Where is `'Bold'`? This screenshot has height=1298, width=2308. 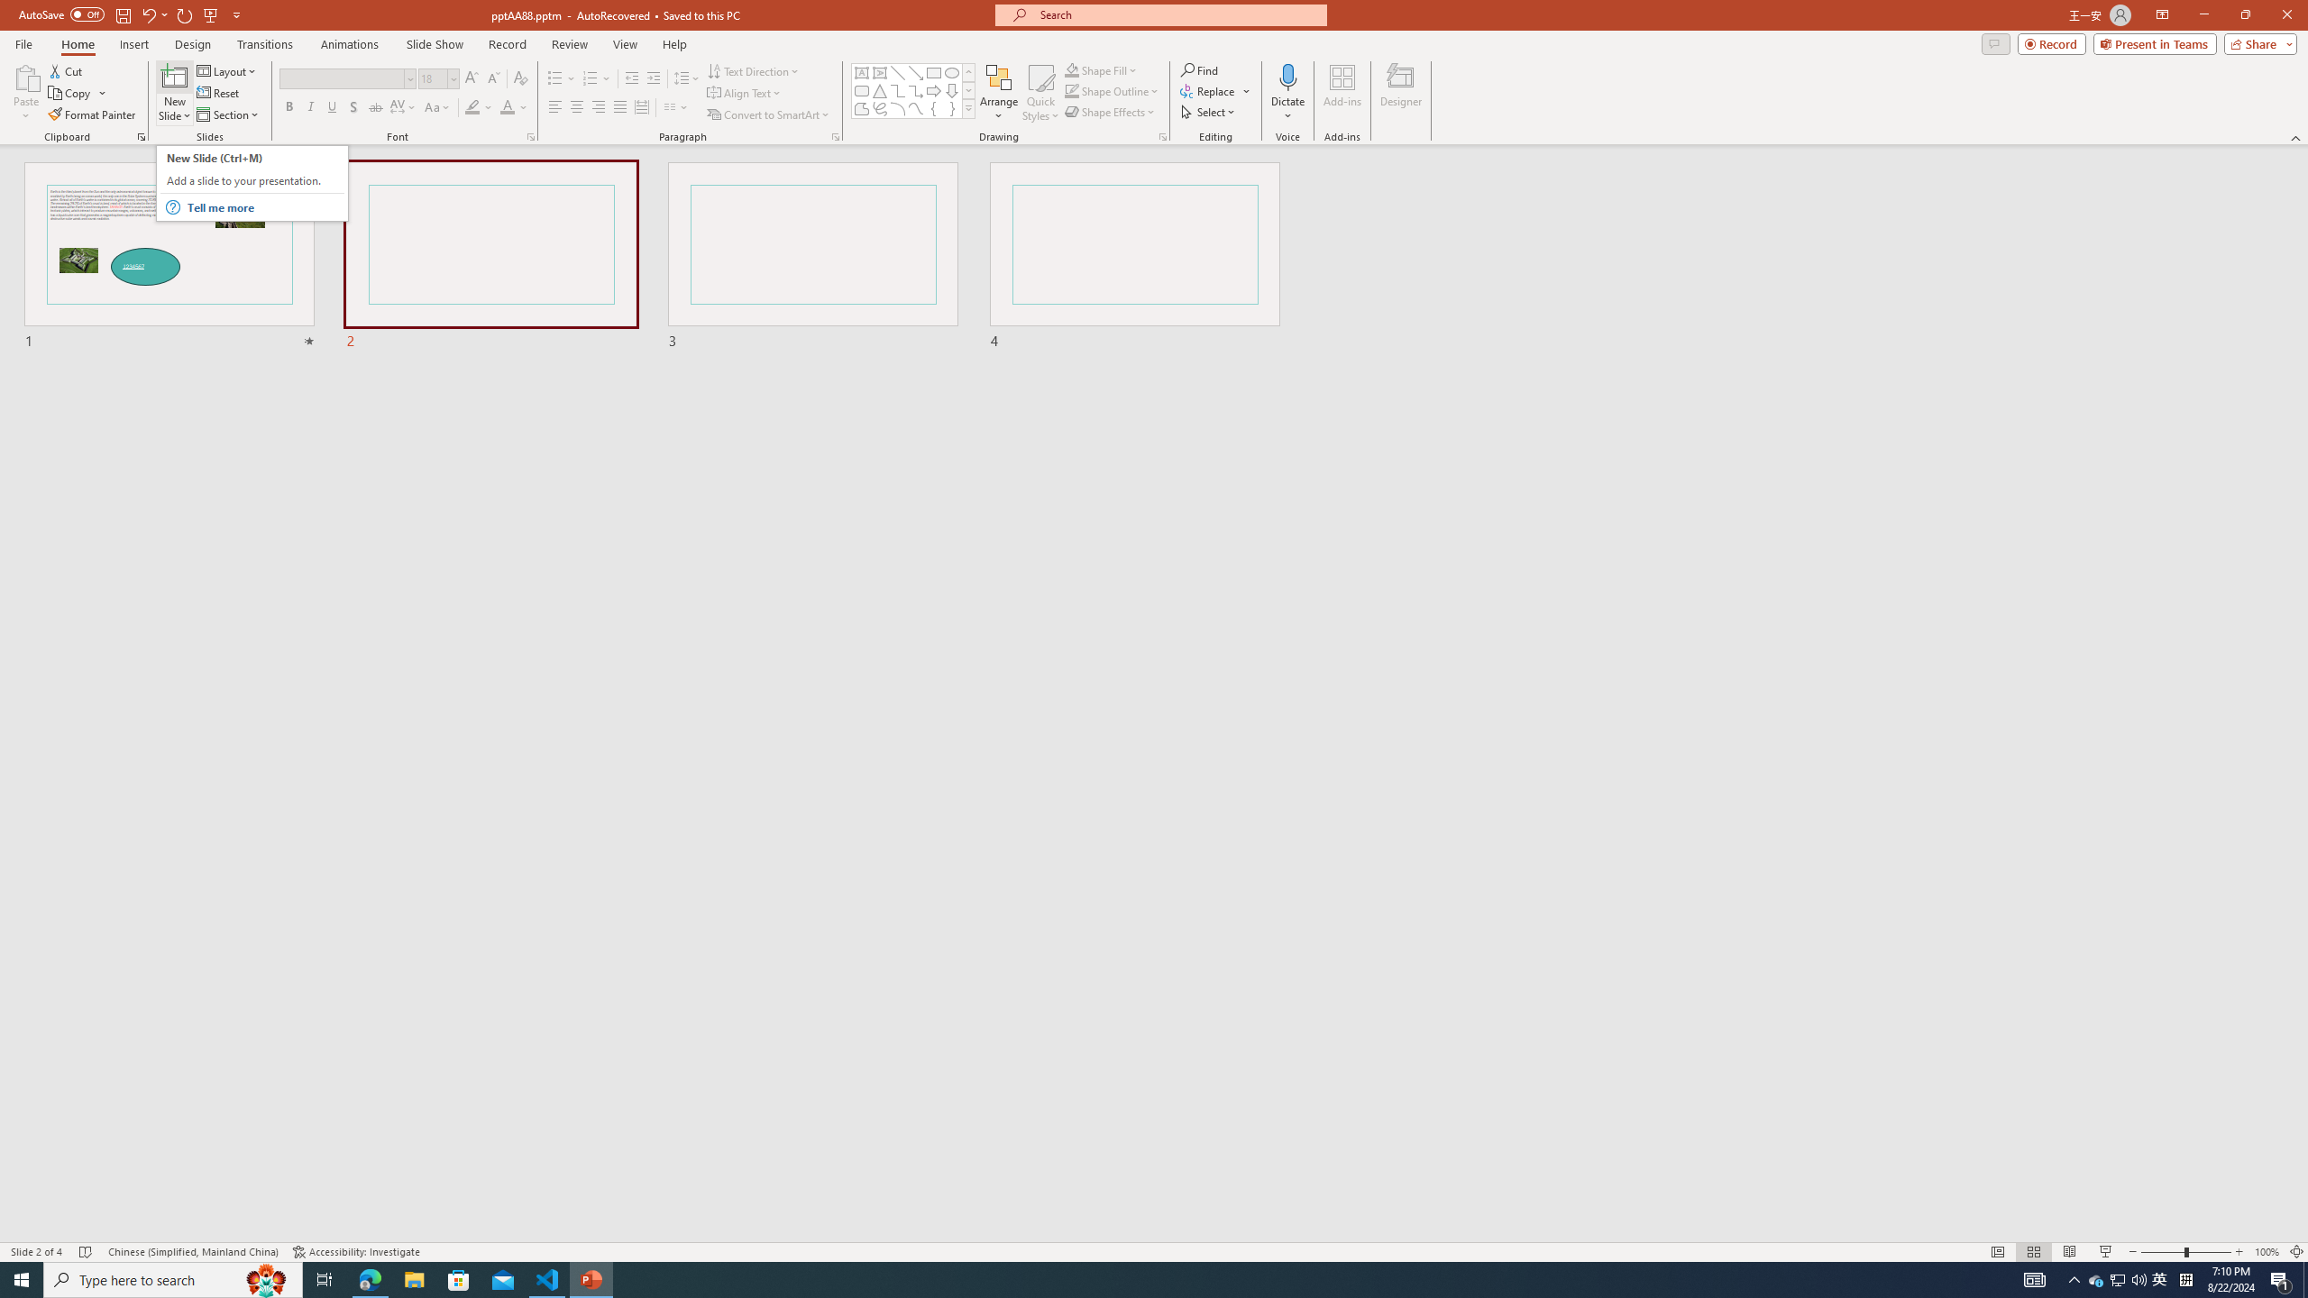
'Bold' is located at coordinates (289, 106).